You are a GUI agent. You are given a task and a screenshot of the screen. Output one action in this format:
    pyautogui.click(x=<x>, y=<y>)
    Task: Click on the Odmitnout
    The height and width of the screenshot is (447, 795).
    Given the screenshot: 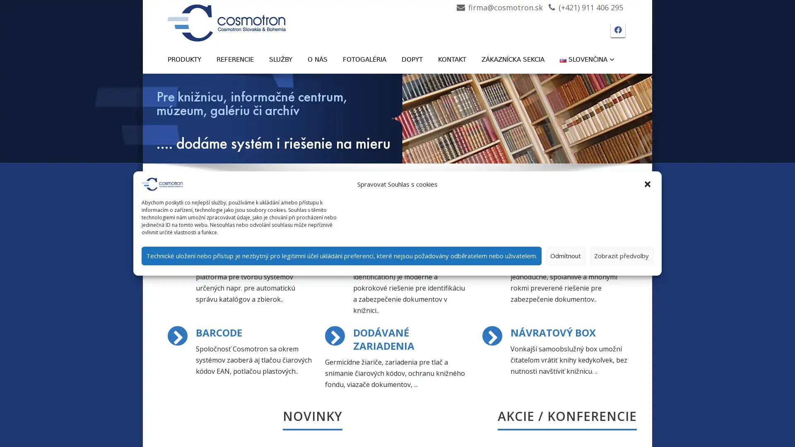 What is the action you would take?
    pyautogui.click(x=565, y=255)
    